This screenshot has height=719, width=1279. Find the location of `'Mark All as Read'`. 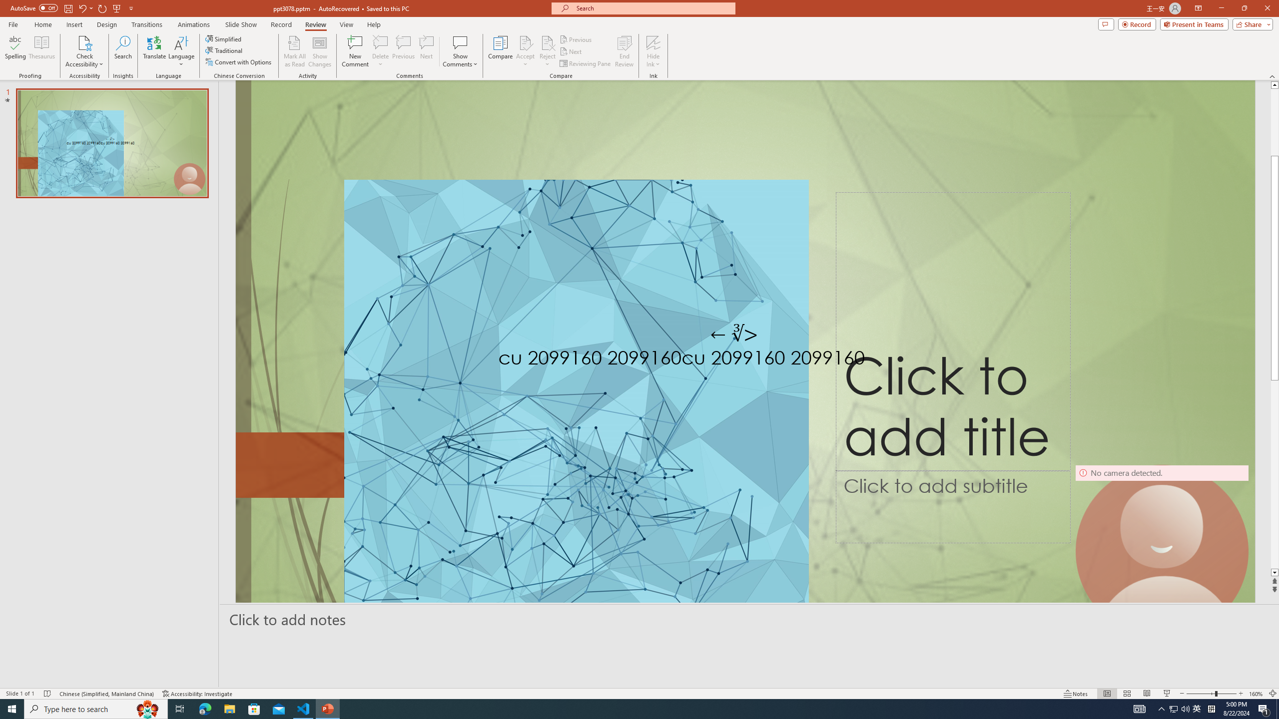

'Mark All as Read' is located at coordinates (295, 51).